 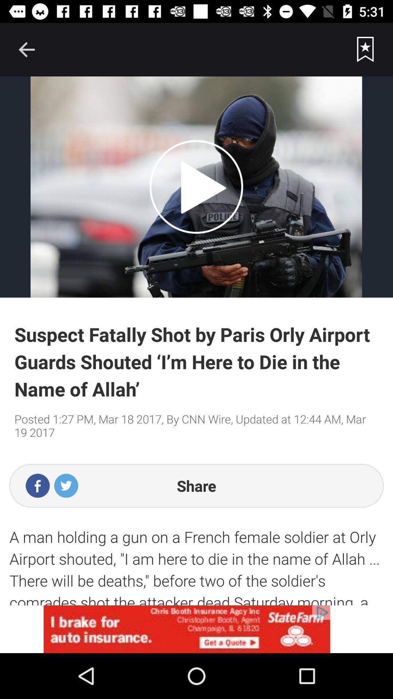 What do you see at coordinates (365, 49) in the screenshot?
I see `favourites` at bounding box center [365, 49].